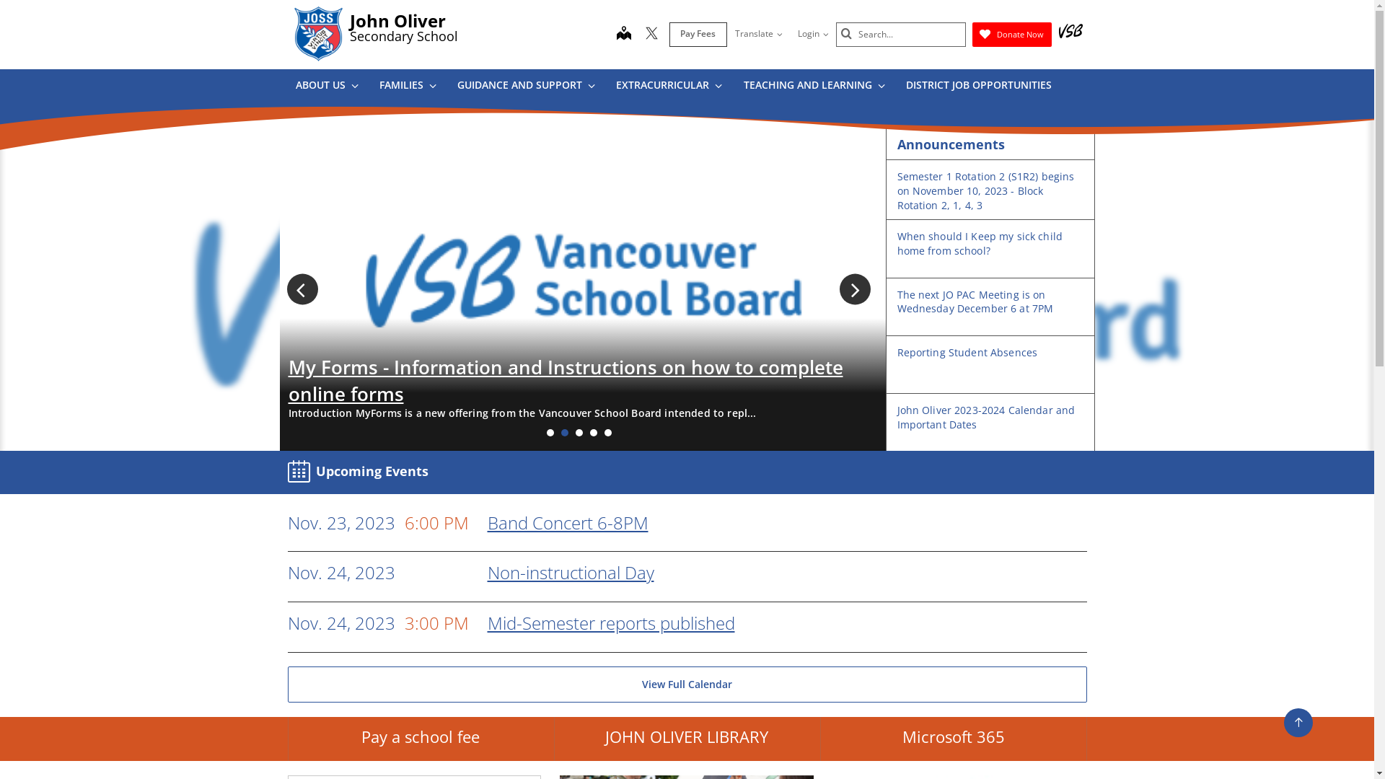  I want to click on 'Reporting Student Absences', so click(967, 352).